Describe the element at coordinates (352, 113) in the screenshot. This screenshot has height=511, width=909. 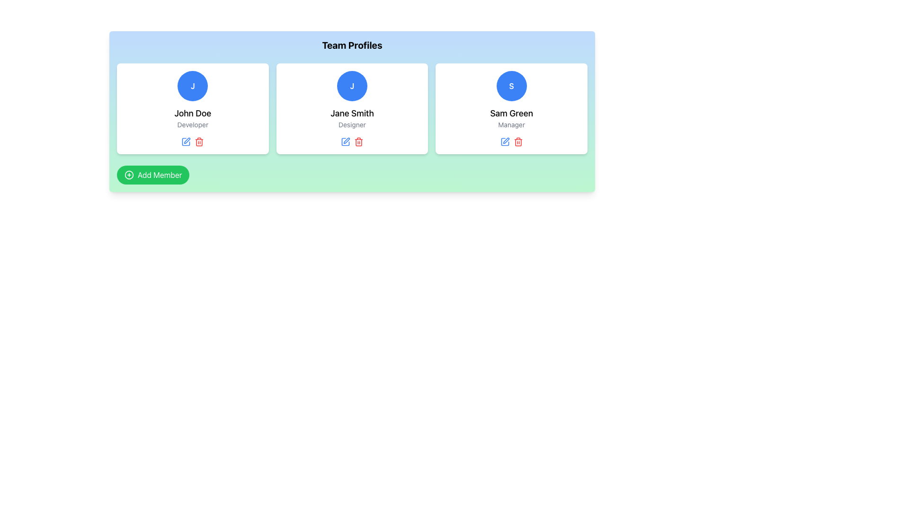
I see `the Text Label displaying the individual's name in the Team Profiles section` at that location.